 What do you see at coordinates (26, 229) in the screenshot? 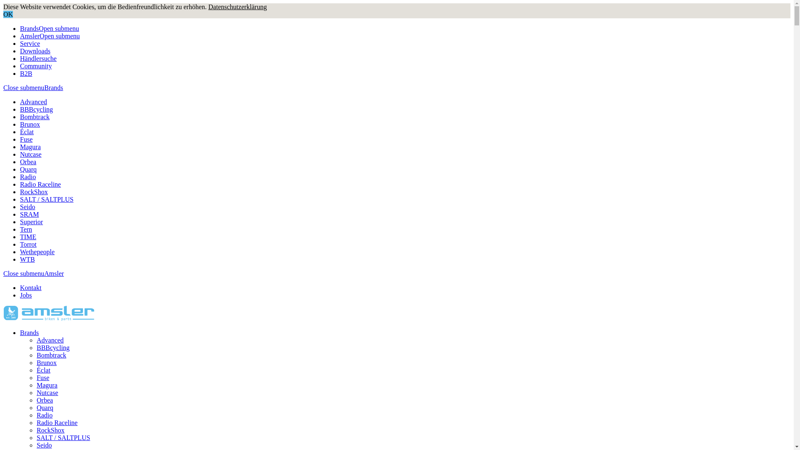
I see `'Tern'` at bounding box center [26, 229].